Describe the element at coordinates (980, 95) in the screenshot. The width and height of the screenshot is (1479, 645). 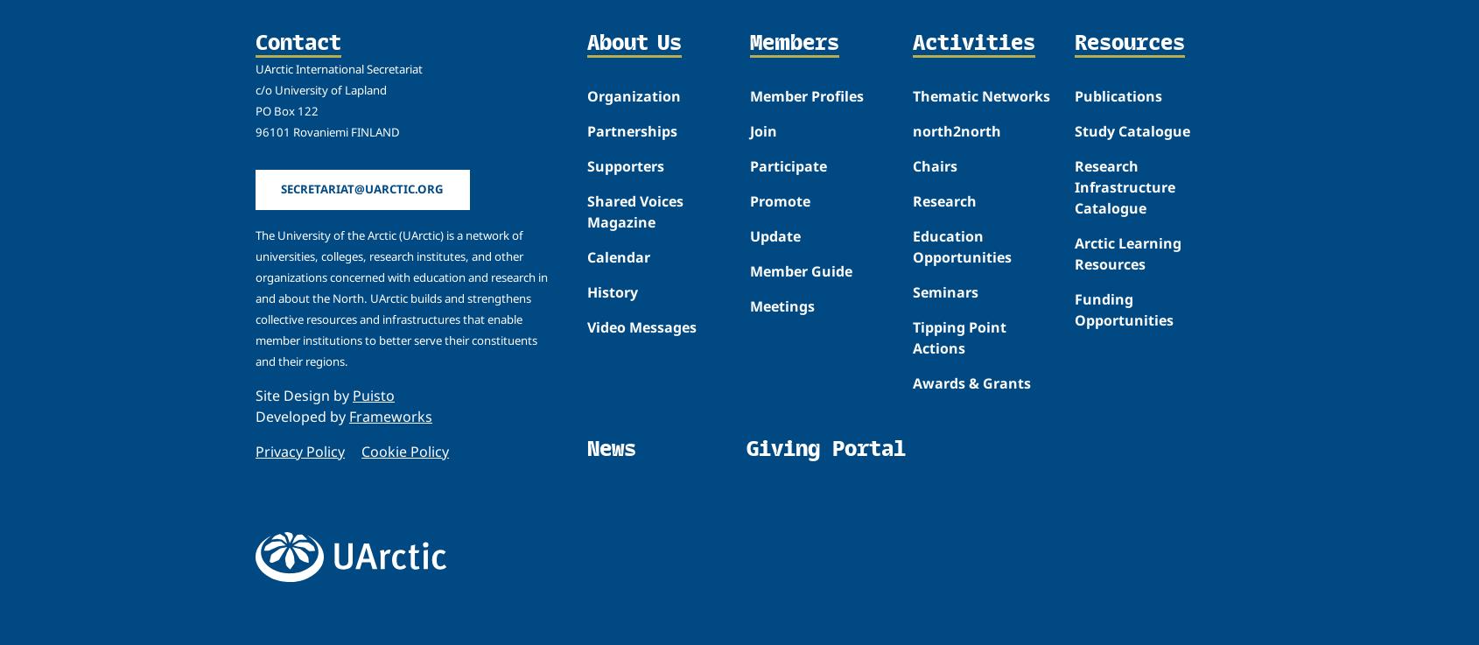
I see `'Thematic Networks'` at that location.